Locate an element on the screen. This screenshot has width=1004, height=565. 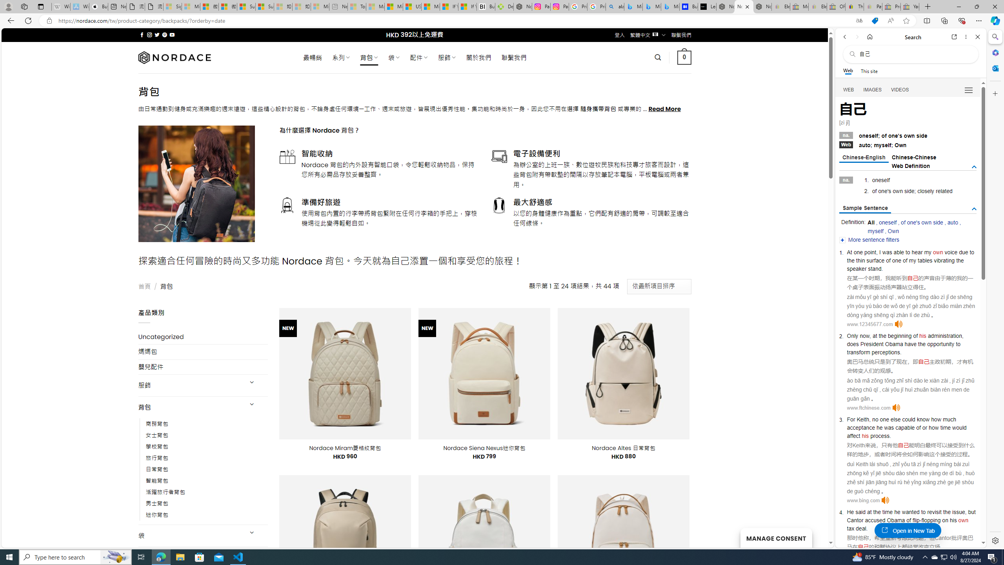
'time' is located at coordinates (887, 512).